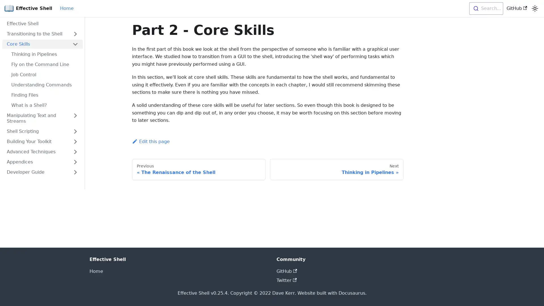 This screenshot has width=544, height=306. I want to click on Switch between dark and light mode (currently light mode), so click(534, 8).